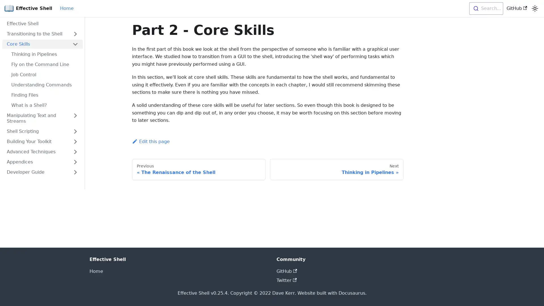 This screenshot has width=544, height=306. I want to click on Switch between dark and light mode (currently light mode), so click(534, 8).